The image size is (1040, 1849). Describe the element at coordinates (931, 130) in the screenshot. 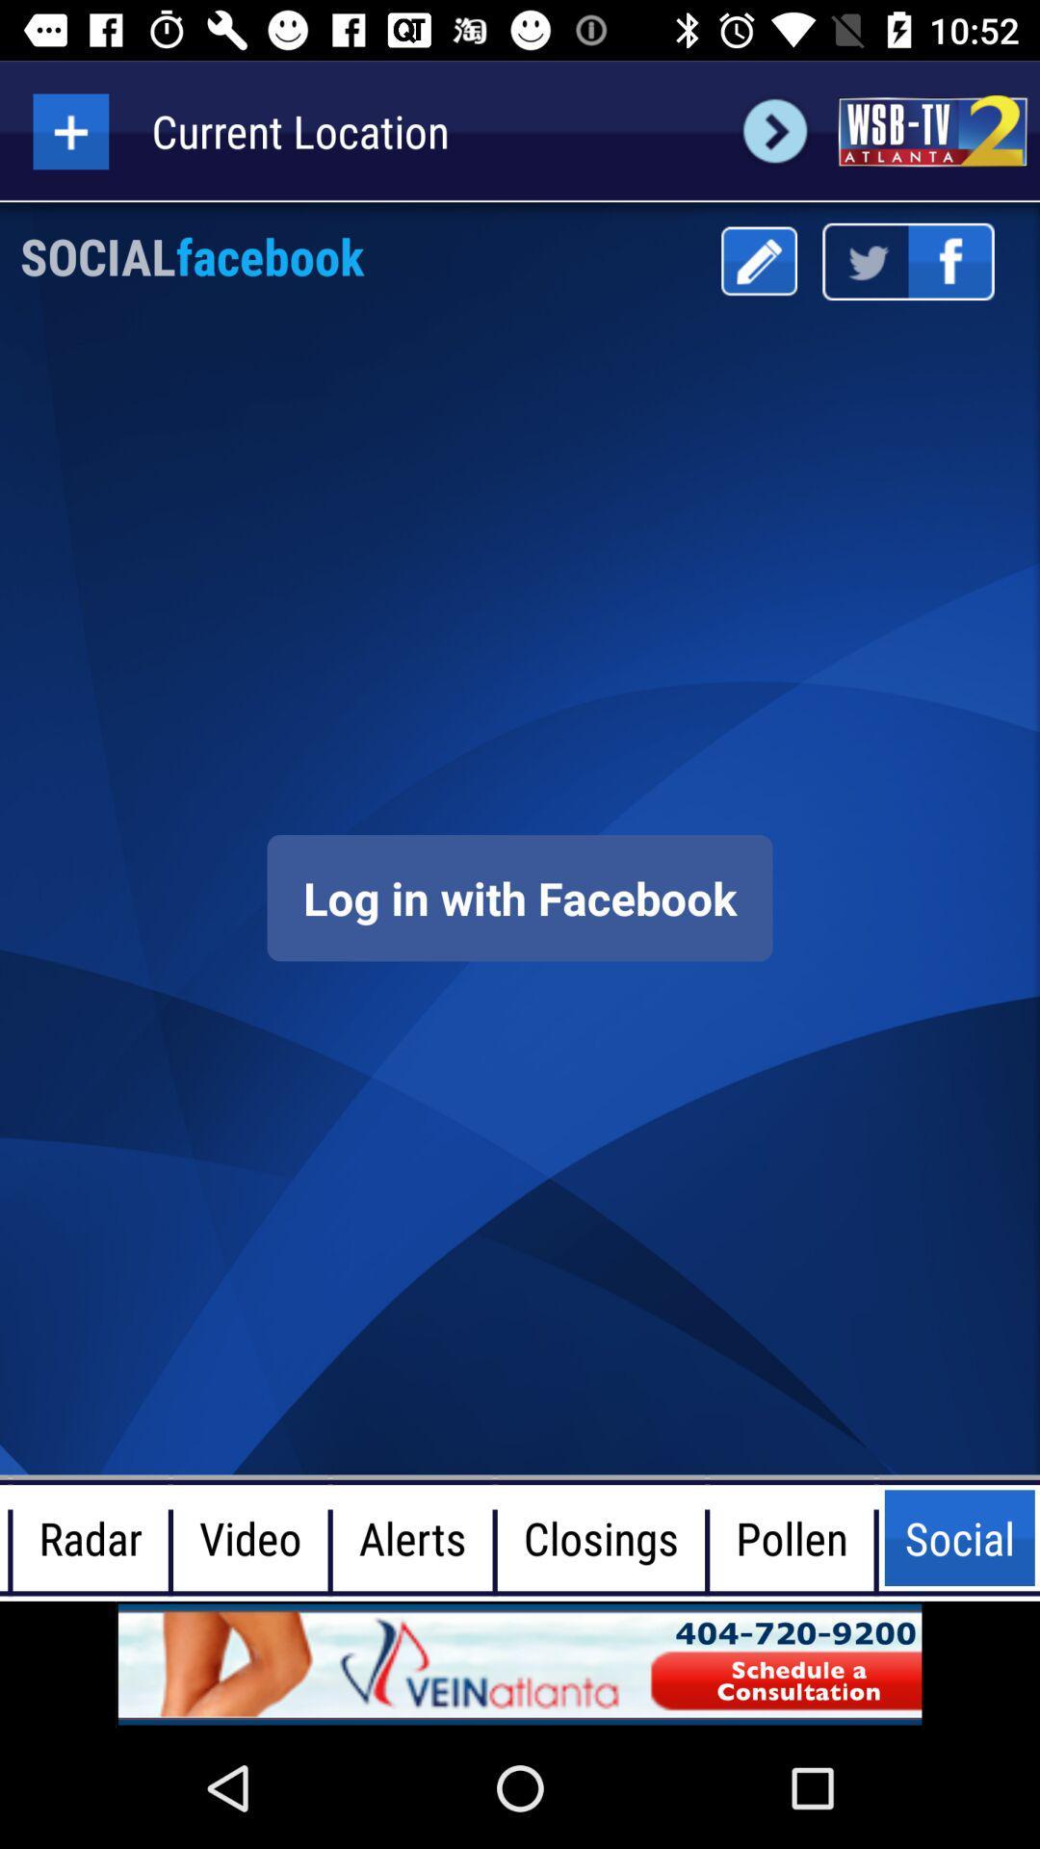

I see `advertisement link` at that location.